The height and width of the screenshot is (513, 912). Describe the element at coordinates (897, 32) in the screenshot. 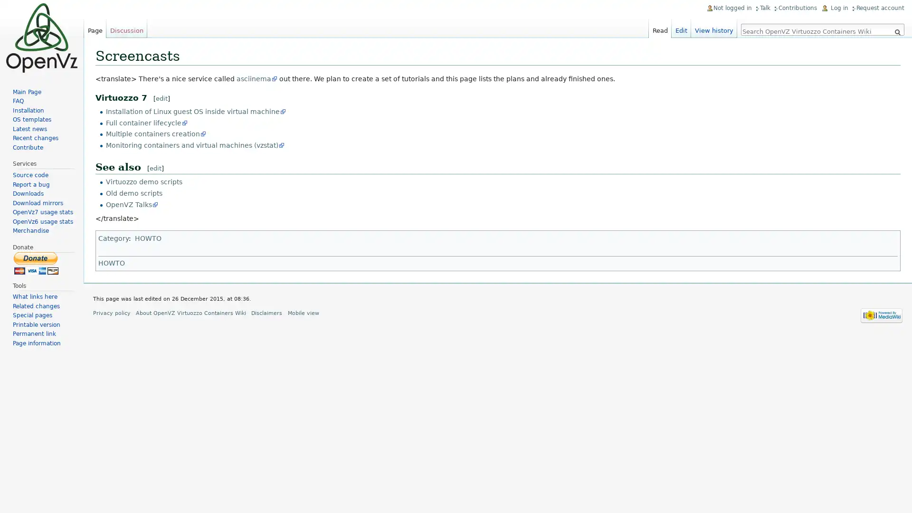

I see `Go` at that location.